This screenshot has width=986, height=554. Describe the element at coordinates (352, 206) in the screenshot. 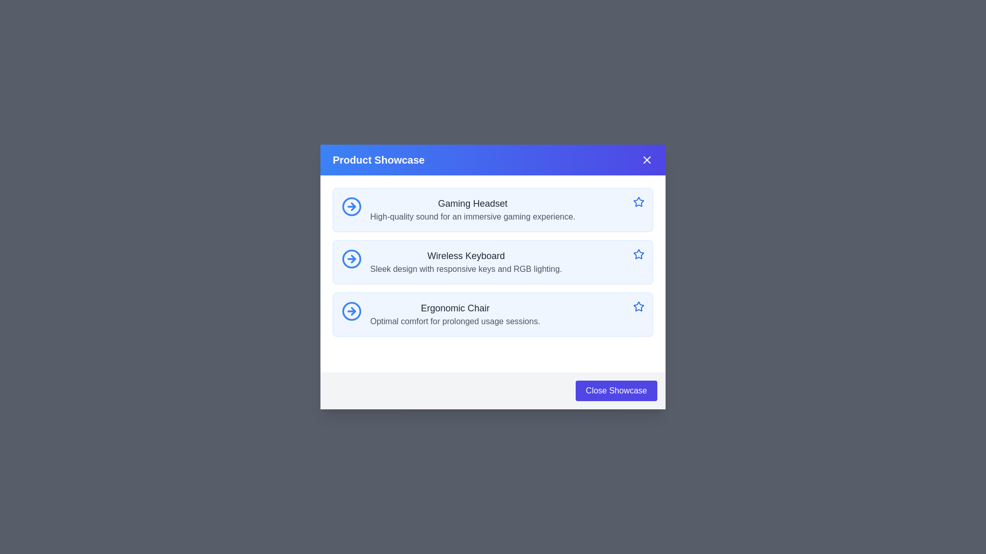

I see `the leftmost icon in the first row that serves as a visual indicator` at that location.